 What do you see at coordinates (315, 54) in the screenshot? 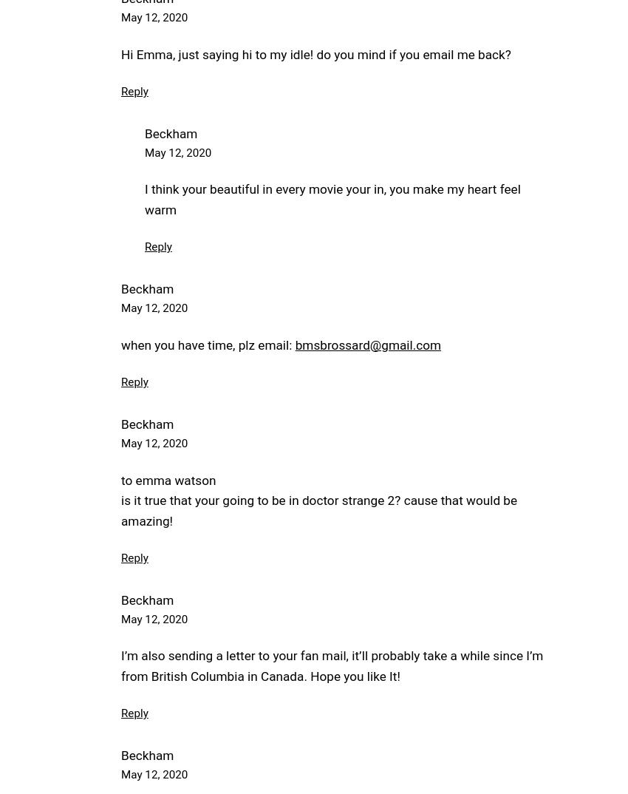
I see `'Hi Emma, just saying hi to my idle! do you mind if you email me back?'` at bounding box center [315, 54].